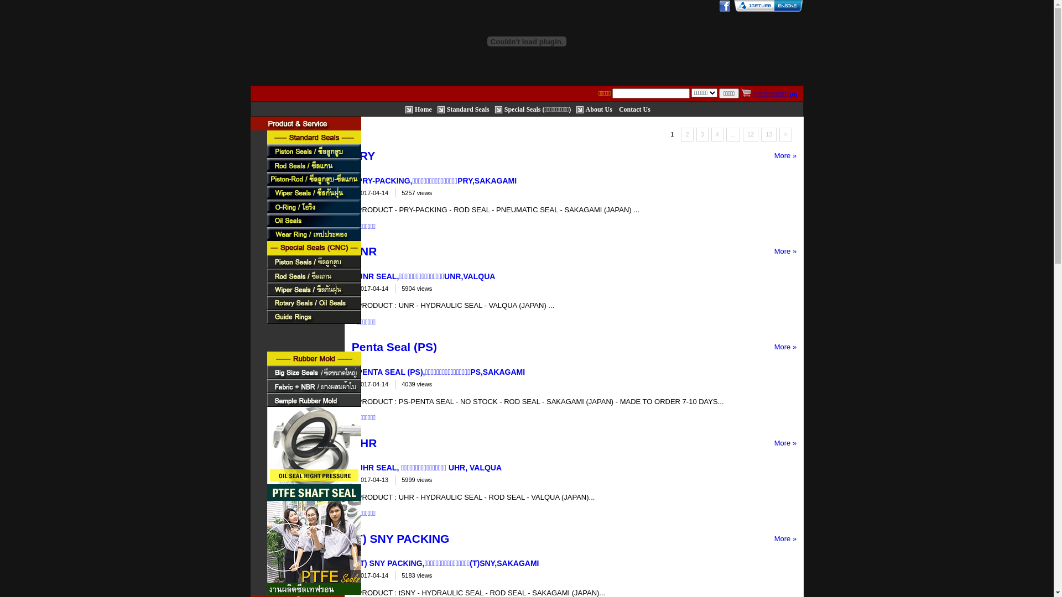 This screenshot has width=1062, height=597. I want to click on ' About Us ', so click(575, 108).